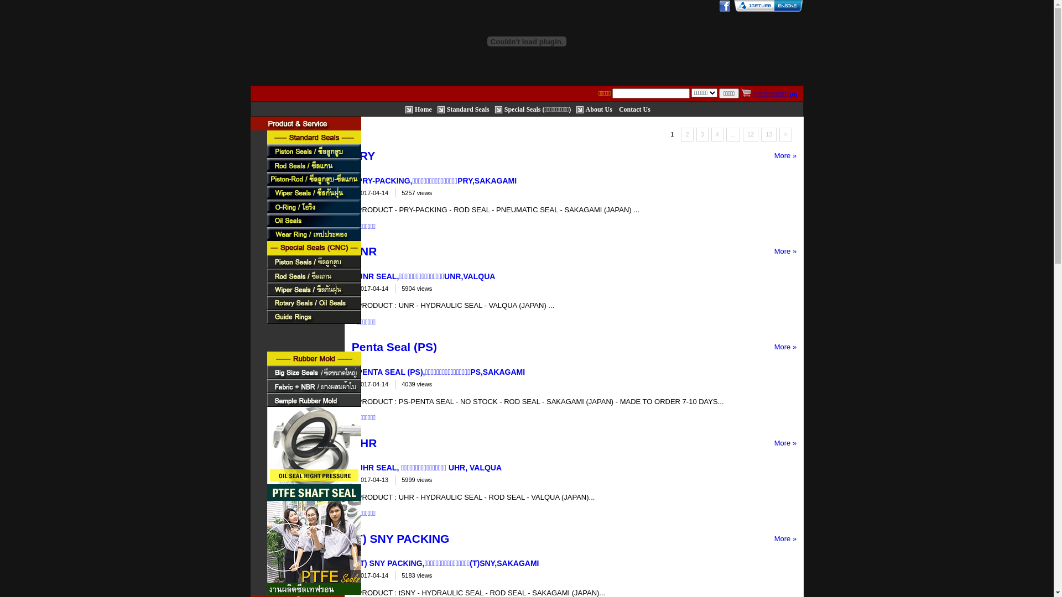 This screenshot has width=1062, height=597. I want to click on ' About Us ', so click(575, 108).